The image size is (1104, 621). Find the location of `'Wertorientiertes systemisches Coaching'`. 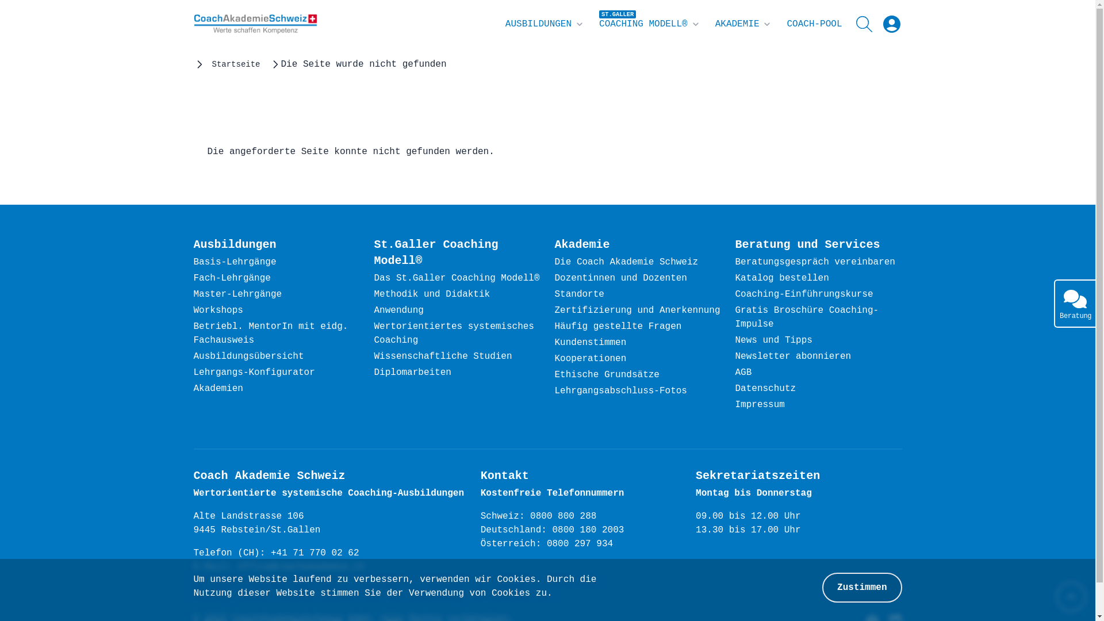

'Wertorientiertes systemisches Coaching' is located at coordinates (373, 334).